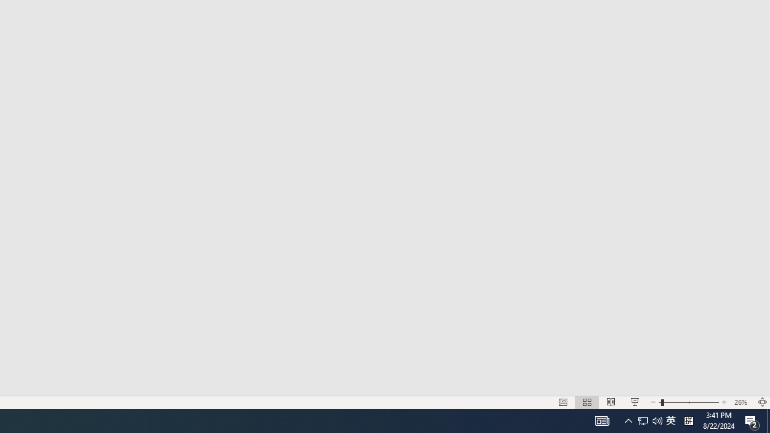  Describe the element at coordinates (724, 402) in the screenshot. I see `'Zoom In'` at that location.